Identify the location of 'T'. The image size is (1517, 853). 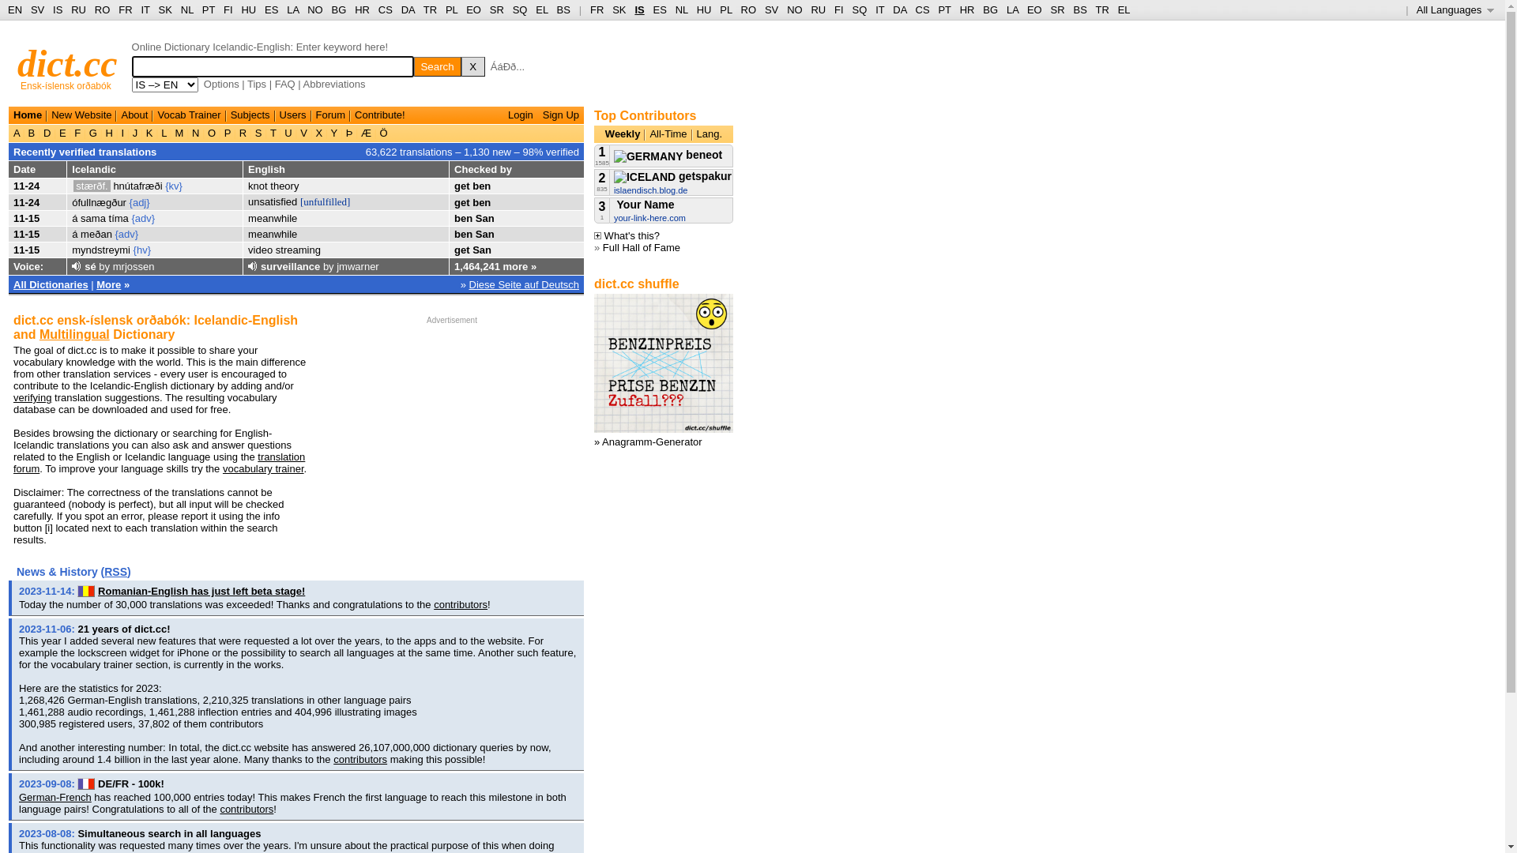
(273, 132).